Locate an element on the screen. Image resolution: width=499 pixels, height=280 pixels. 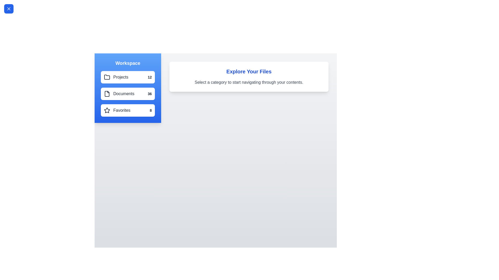
toggle button located at the top-left corner of the screen to toggle the drawer visibility is located at coordinates (9, 9).